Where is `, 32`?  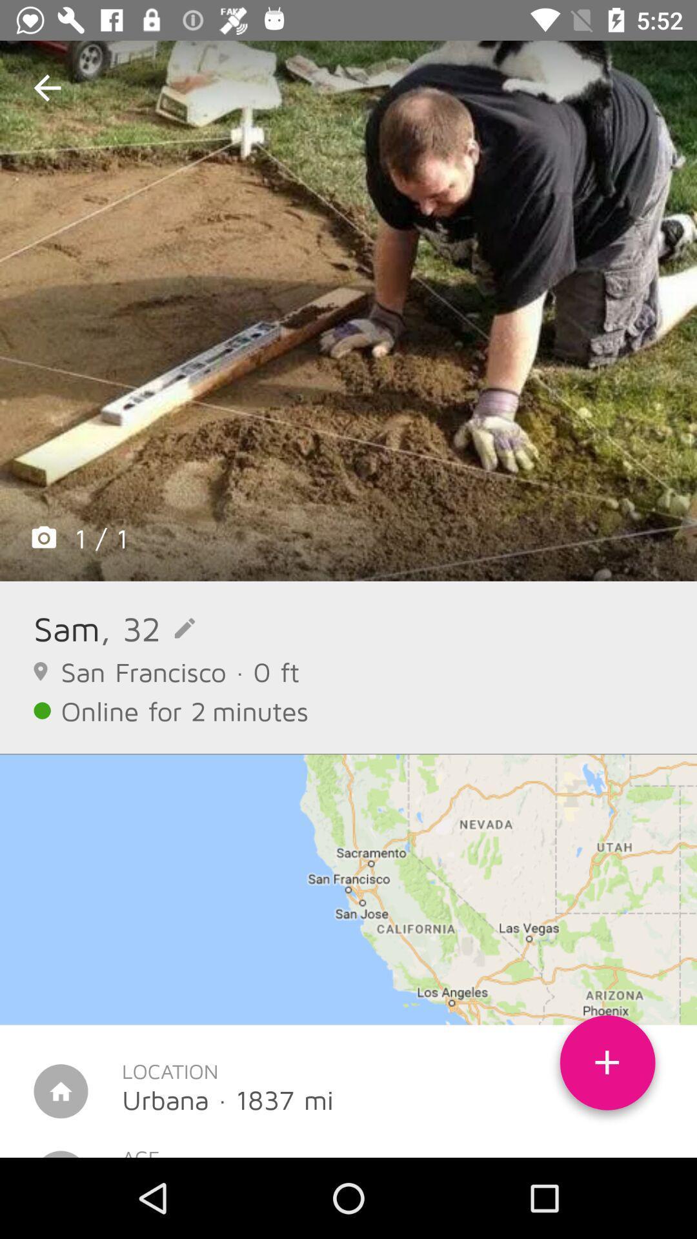
, 32 is located at coordinates (146, 628).